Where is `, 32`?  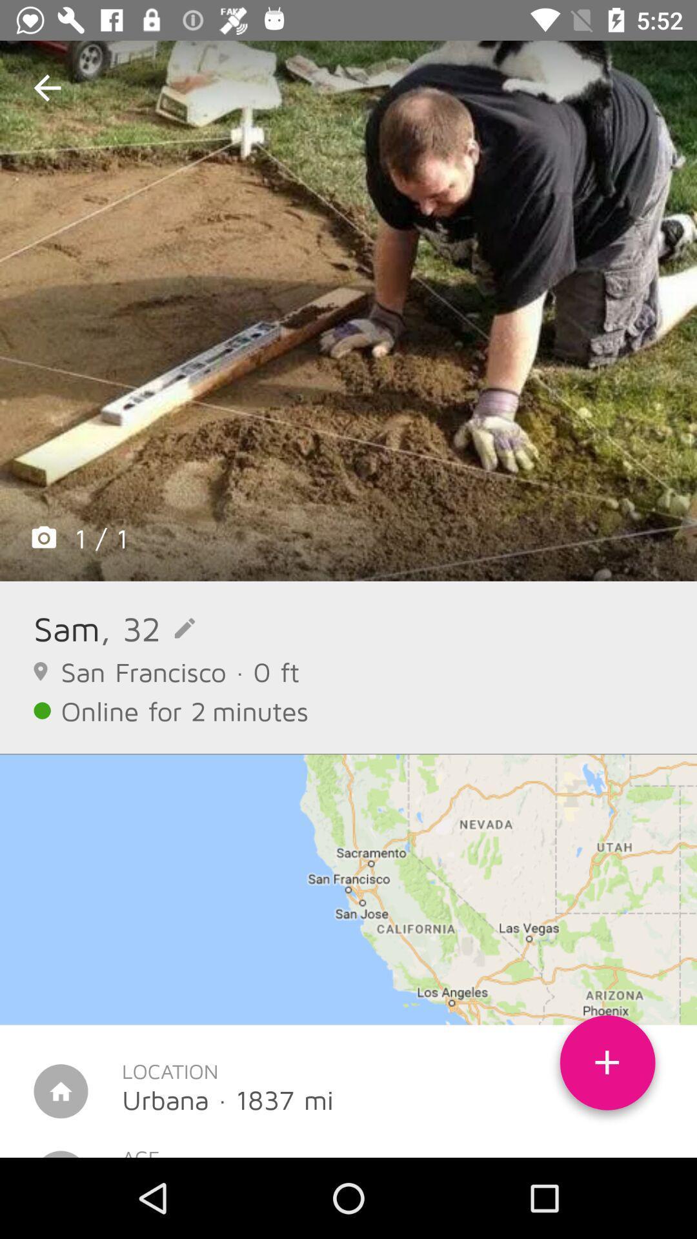
, 32 is located at coordinates (146, 628).